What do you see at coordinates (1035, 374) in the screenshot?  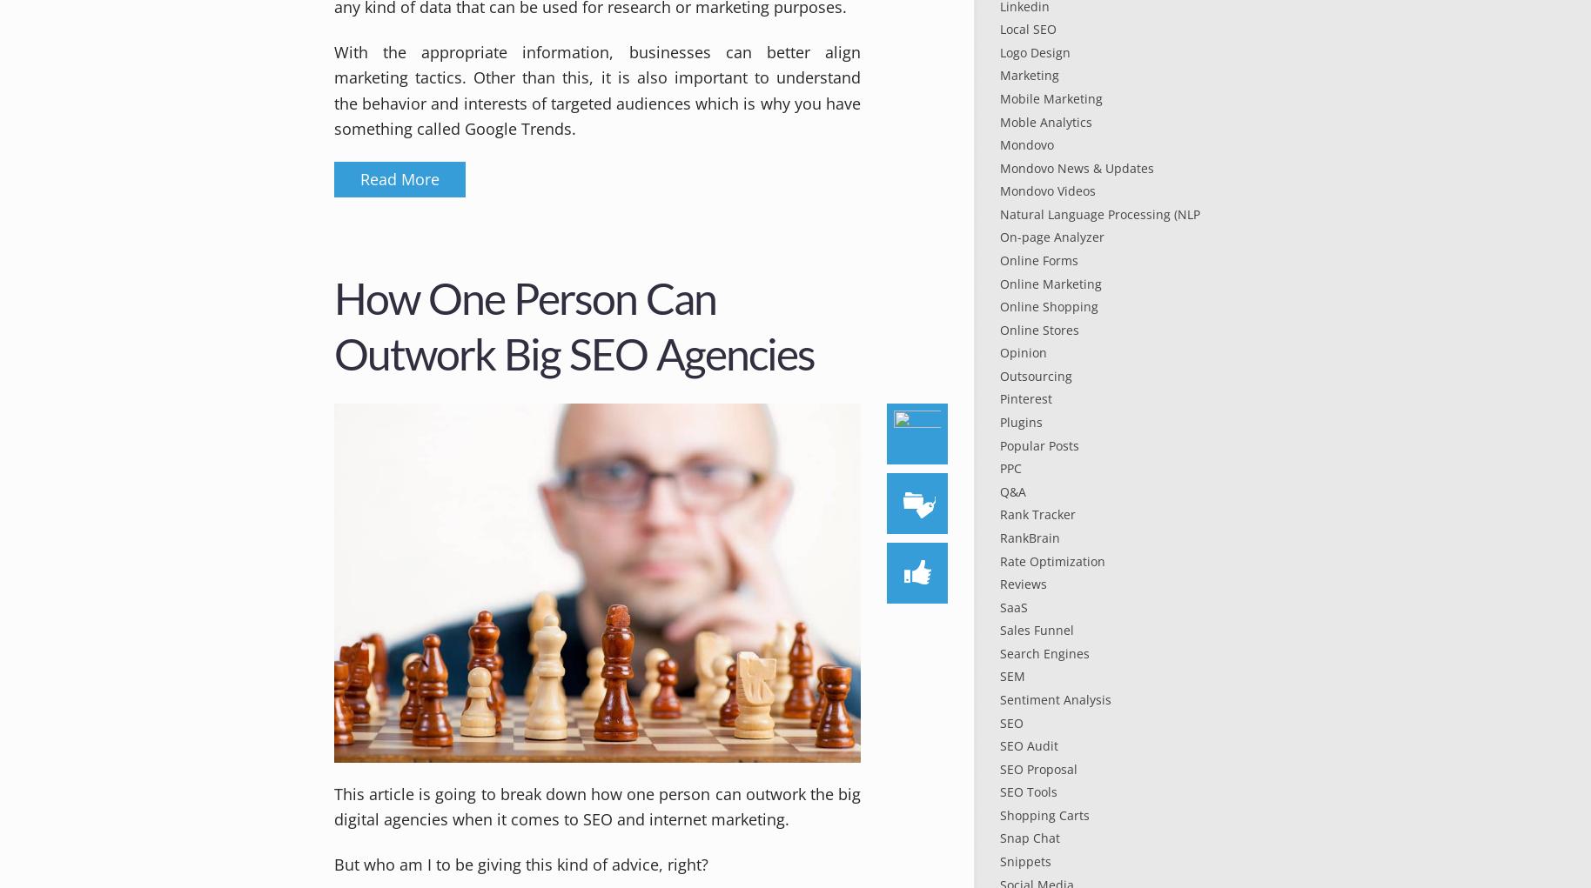 I see `'Outsourcing'` at bounding box center [1035, 374].